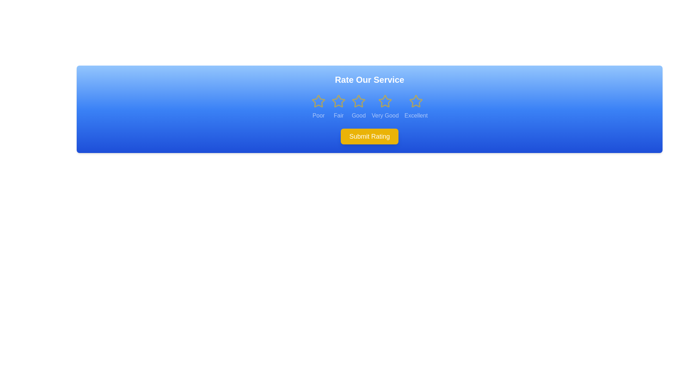 The height and width of the screenshot is (387, 688). What do you see at coordinates (359, 101) in the screenshot?
I see `the third blue star icon in the row beneath 'Rate Our Service'` at bounding box center [359, 101].